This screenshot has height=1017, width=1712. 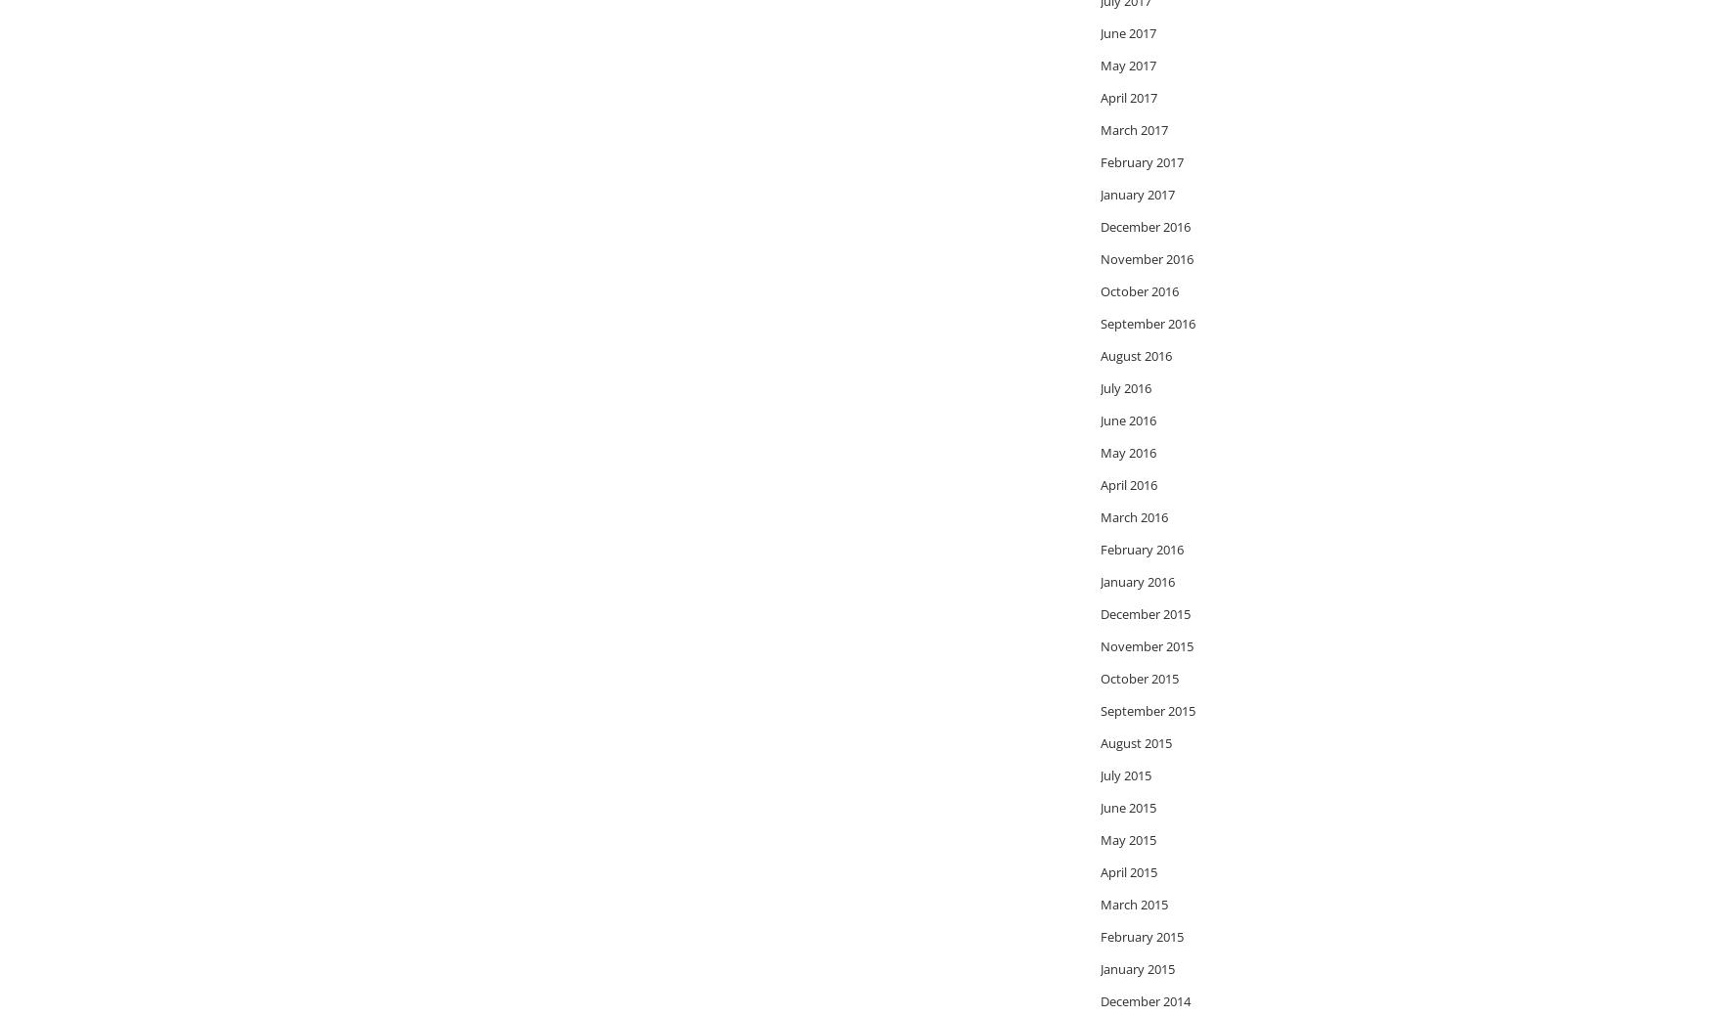 What do you see at coordinates (1146, 644) in the screenshot?
I see `'November 2015'` at bounding box center [1146, 644].